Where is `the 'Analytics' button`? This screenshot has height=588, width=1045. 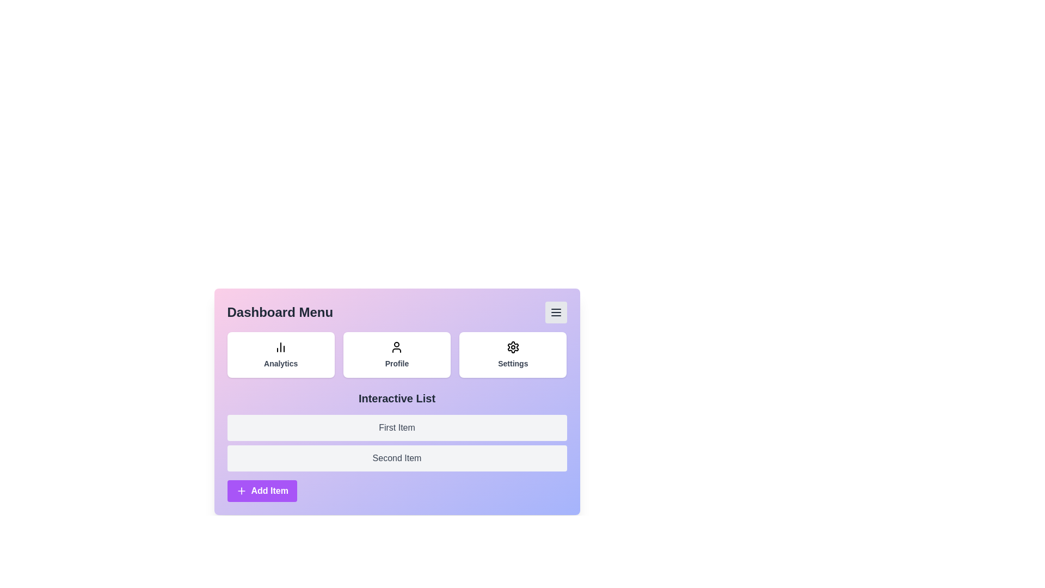 the 'Analytics' button is located at coordinates (280, 354).